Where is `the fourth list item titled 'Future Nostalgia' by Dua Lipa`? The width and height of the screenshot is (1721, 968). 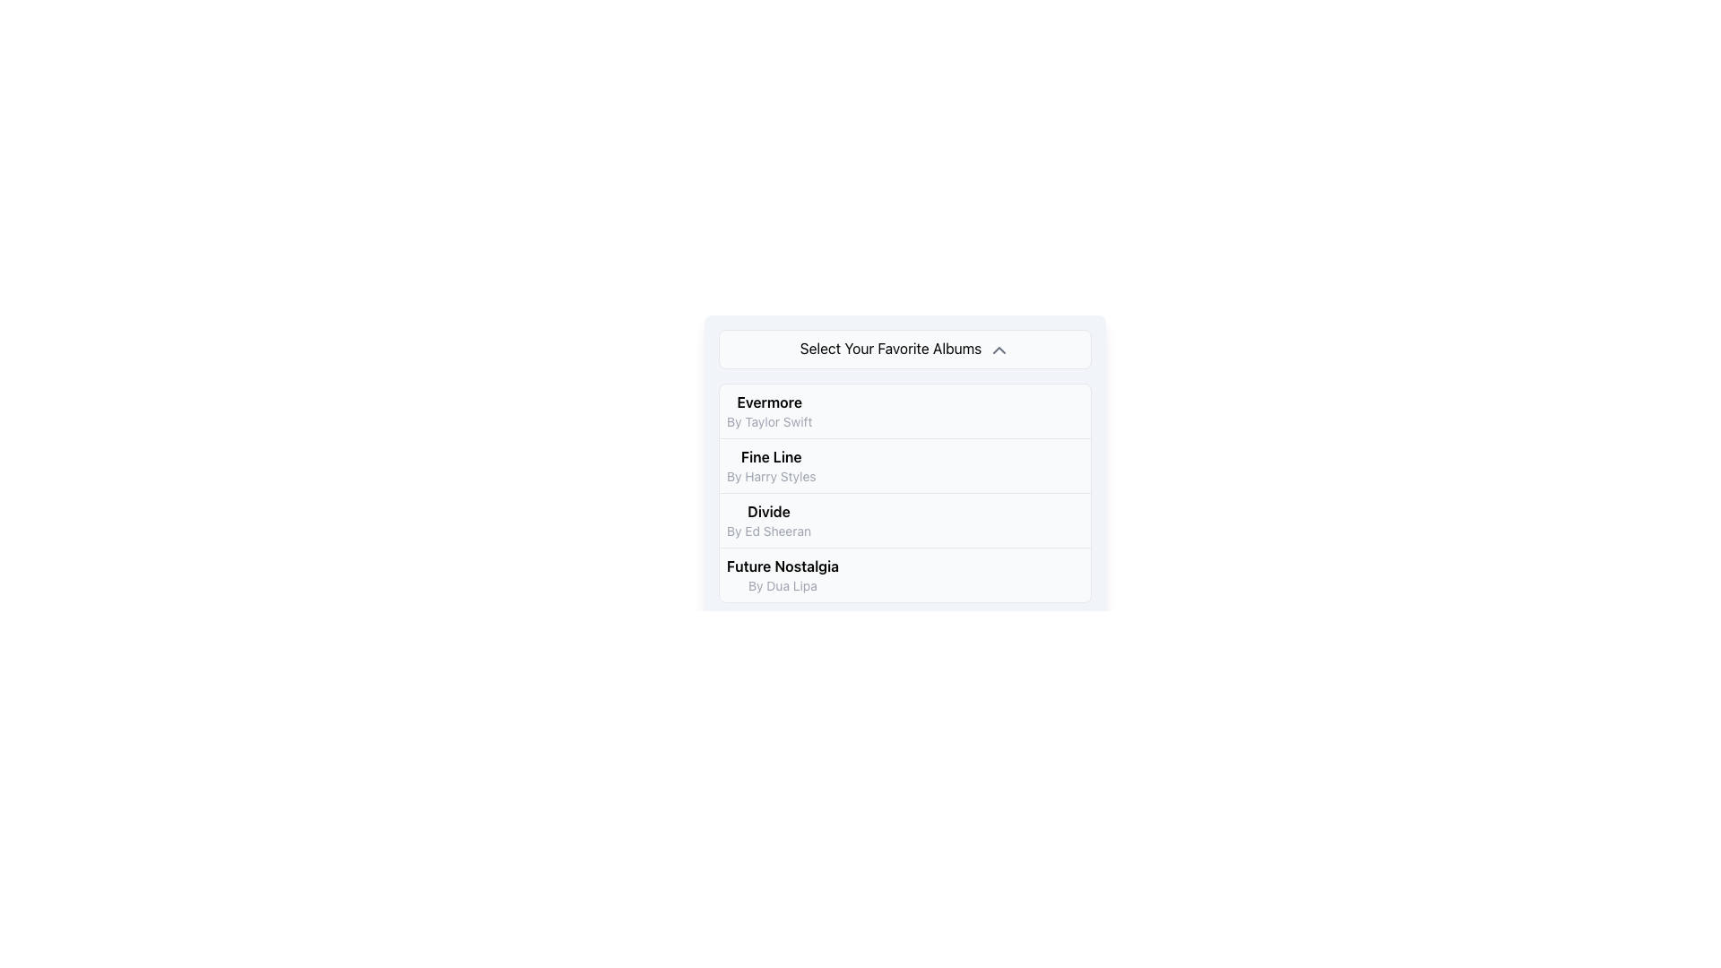
the fourth list item titled 'Future Nostalgia' by Dua Lipa is located at coordinates (904, 574).